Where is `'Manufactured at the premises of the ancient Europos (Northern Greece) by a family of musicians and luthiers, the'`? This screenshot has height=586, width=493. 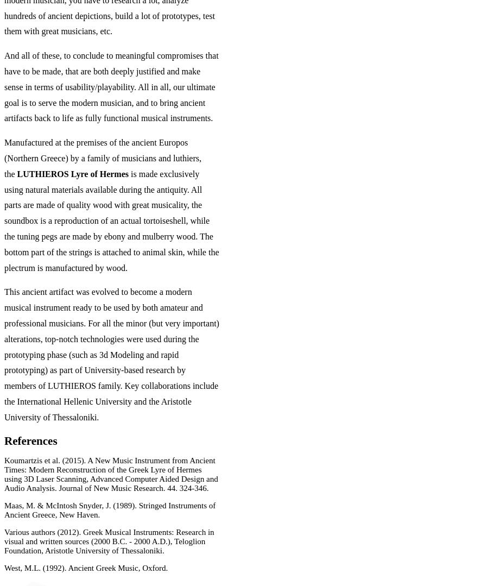 'Manufactured at the premises of the ancient Europos (Northern Greece) by a family of musicians and luthiers, the' is located at coordinates (102, 157).